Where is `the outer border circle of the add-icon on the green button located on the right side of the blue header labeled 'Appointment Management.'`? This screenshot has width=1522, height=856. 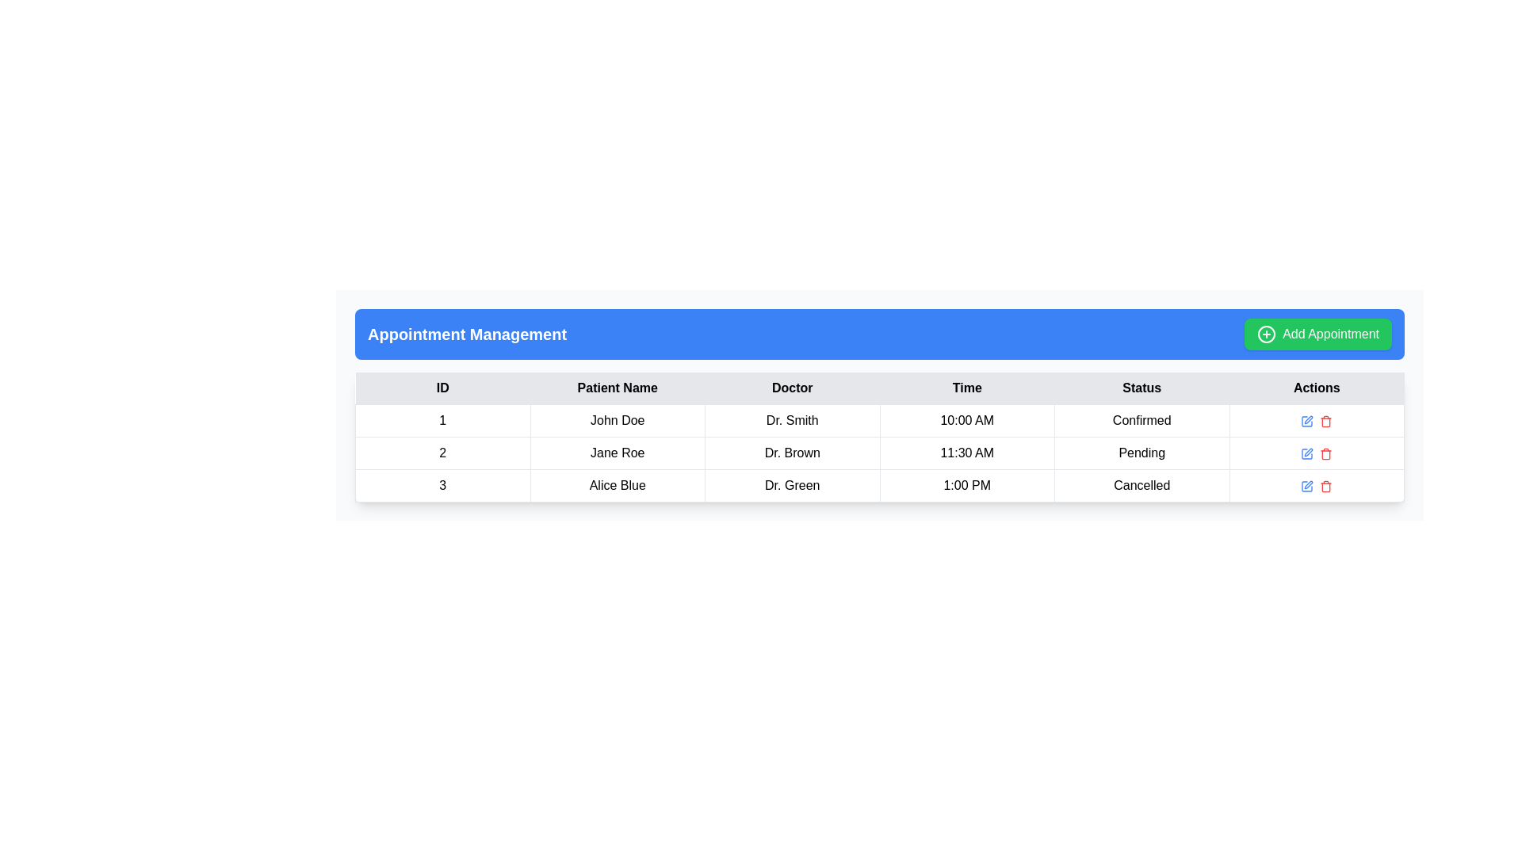
the outer border circle of the add-icon on the green button located on the right side of the blue header labeled 'Appointment Management.' is located at coordinates (1266, 333).